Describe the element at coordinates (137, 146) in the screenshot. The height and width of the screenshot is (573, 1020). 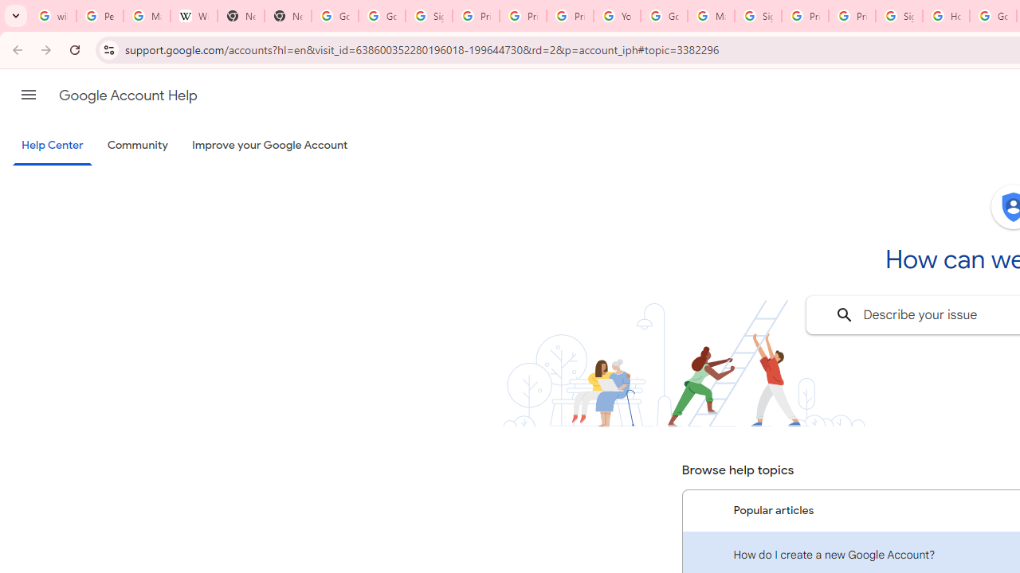
I see `'Community'` at that location.